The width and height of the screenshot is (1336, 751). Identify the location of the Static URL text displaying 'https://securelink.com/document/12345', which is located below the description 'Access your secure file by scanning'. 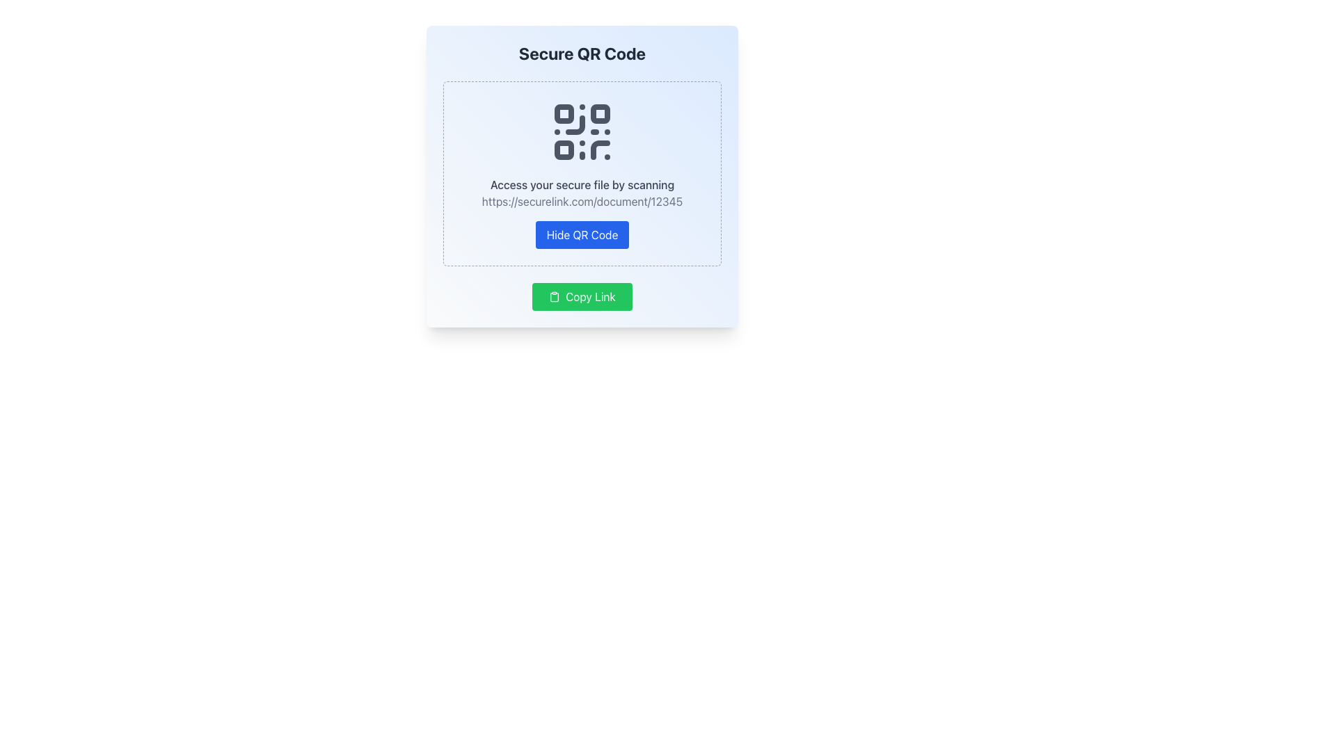
(582, 201).